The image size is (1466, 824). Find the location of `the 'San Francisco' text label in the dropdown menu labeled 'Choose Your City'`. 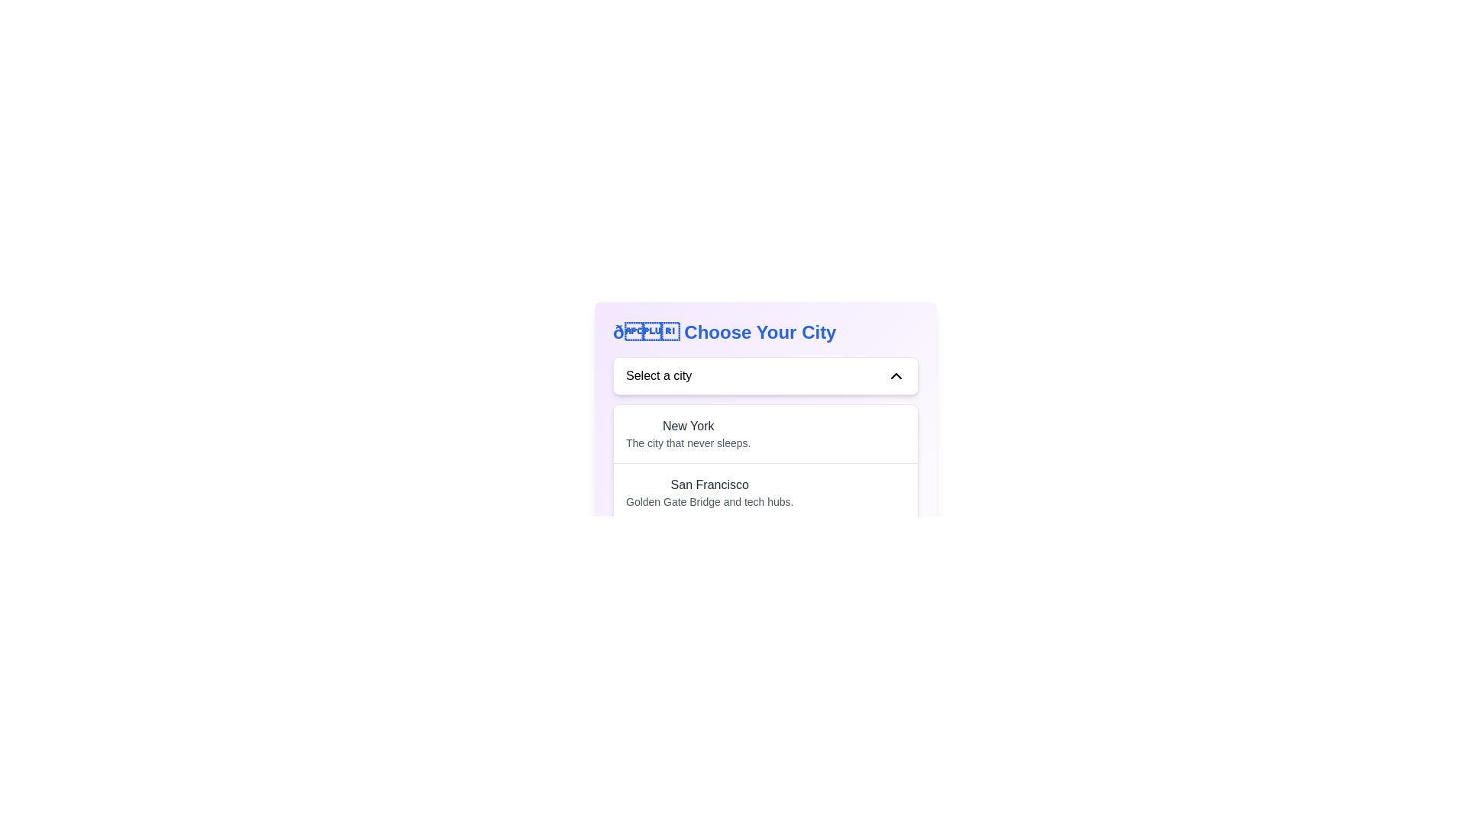

the 'San Francisco' text label in the dropdown menu labeled 'Choose Your City' is located at coordinates (709, 492).